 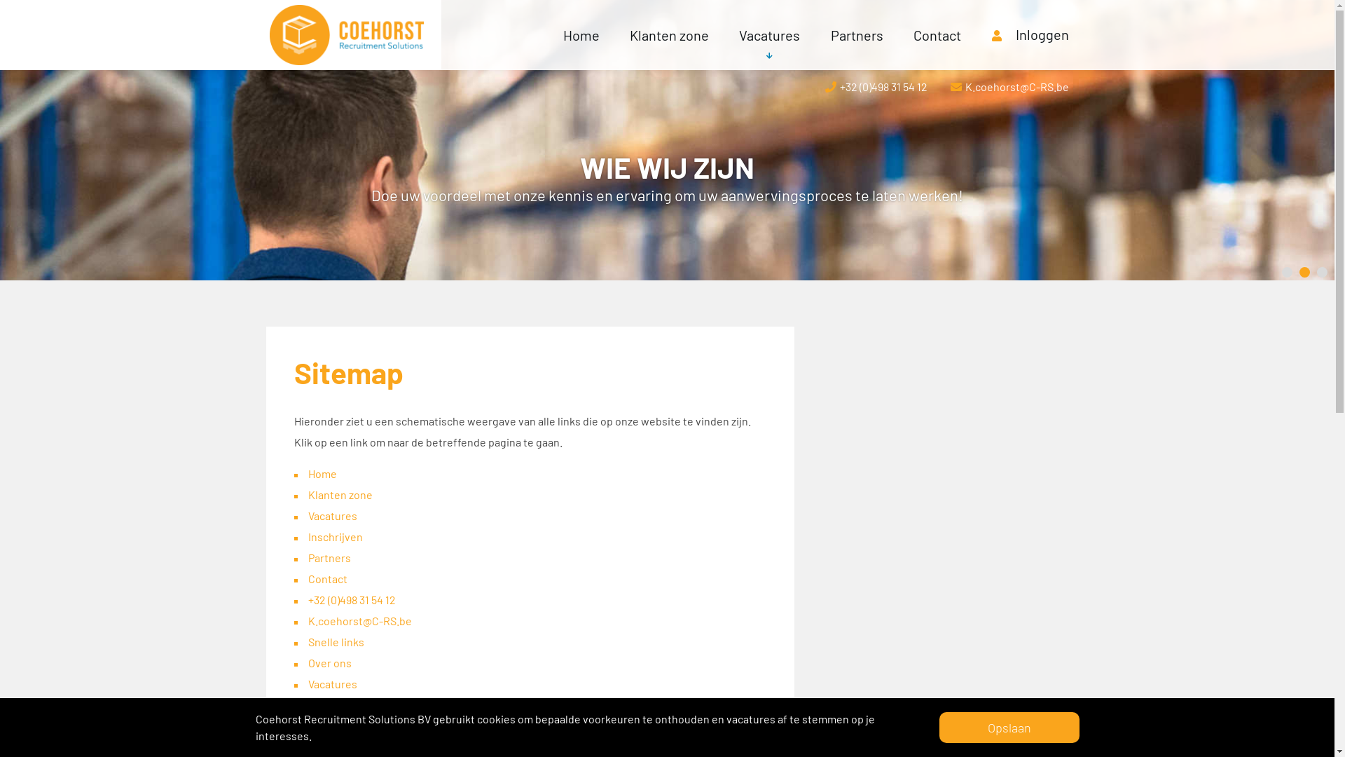 What do you see at coordinates (322, 473) in the screenshot?
I see `'Home'` at bounding box center [322, 473].